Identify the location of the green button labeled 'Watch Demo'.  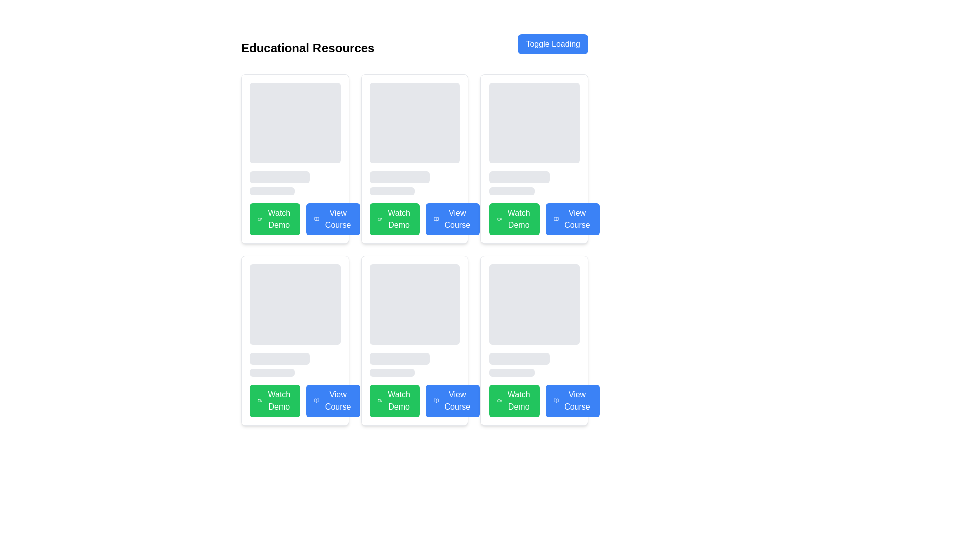
(414, 218).